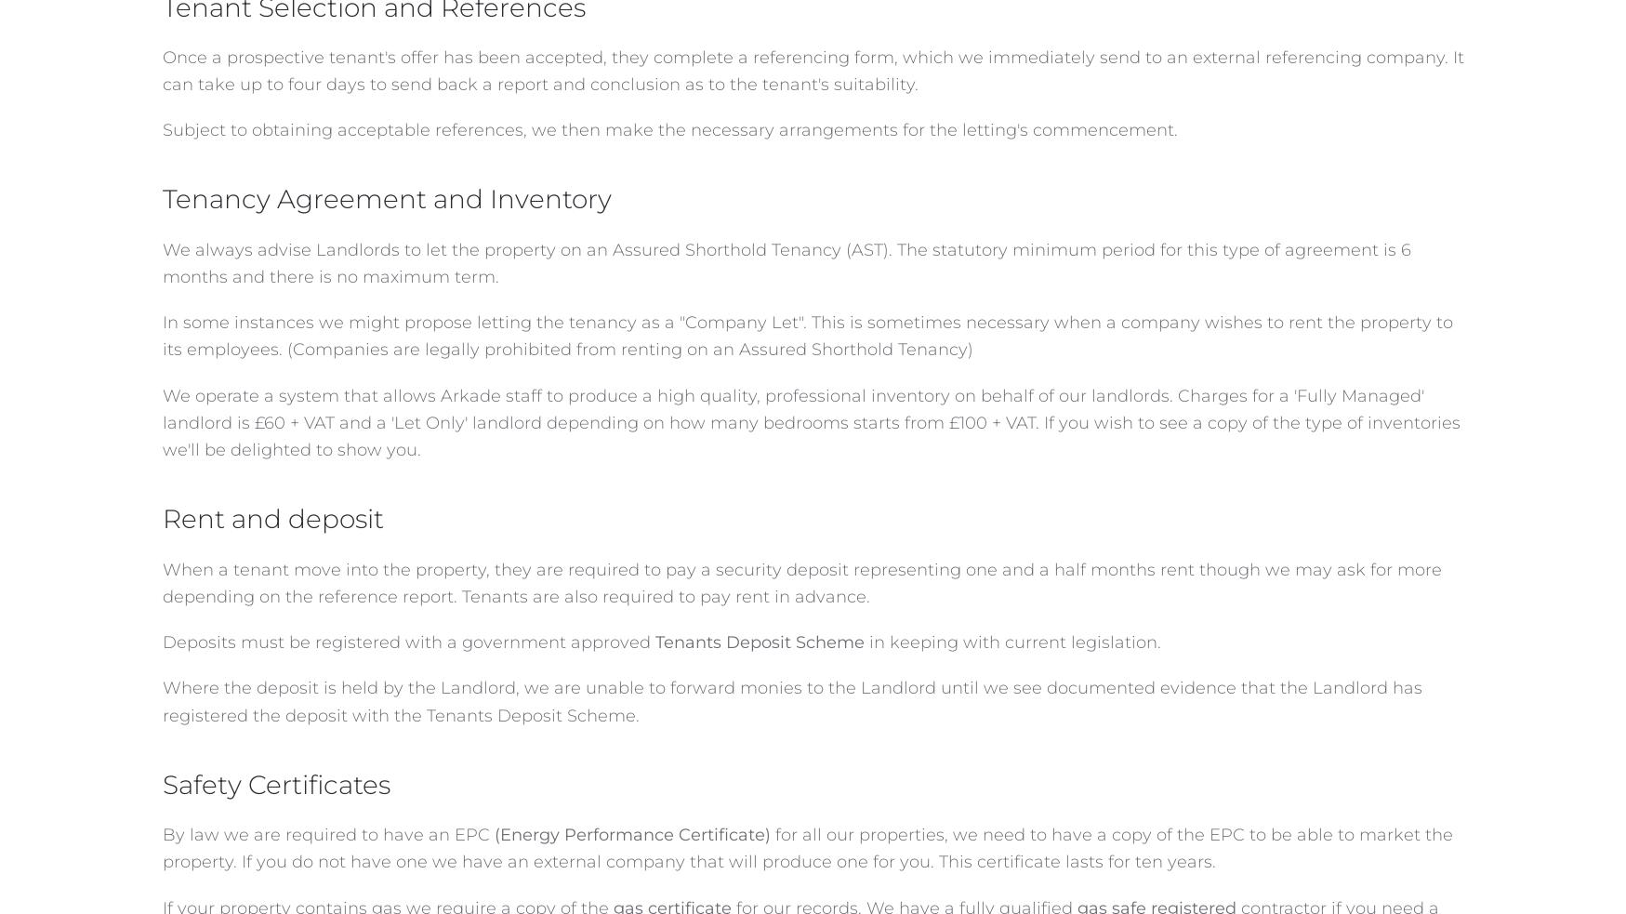 This screenshot has width=1626, height=914. What do you see at coordinates (161, 69) in the screenshot?
I see `'Once a prospective tenant's offer has been accepted, they complete a referencing form, which we immediately send to an external referencing company. It can take up to four days to send back a report and conclusion as to the tenant's suitability.'` at bounding box center [161, 69].